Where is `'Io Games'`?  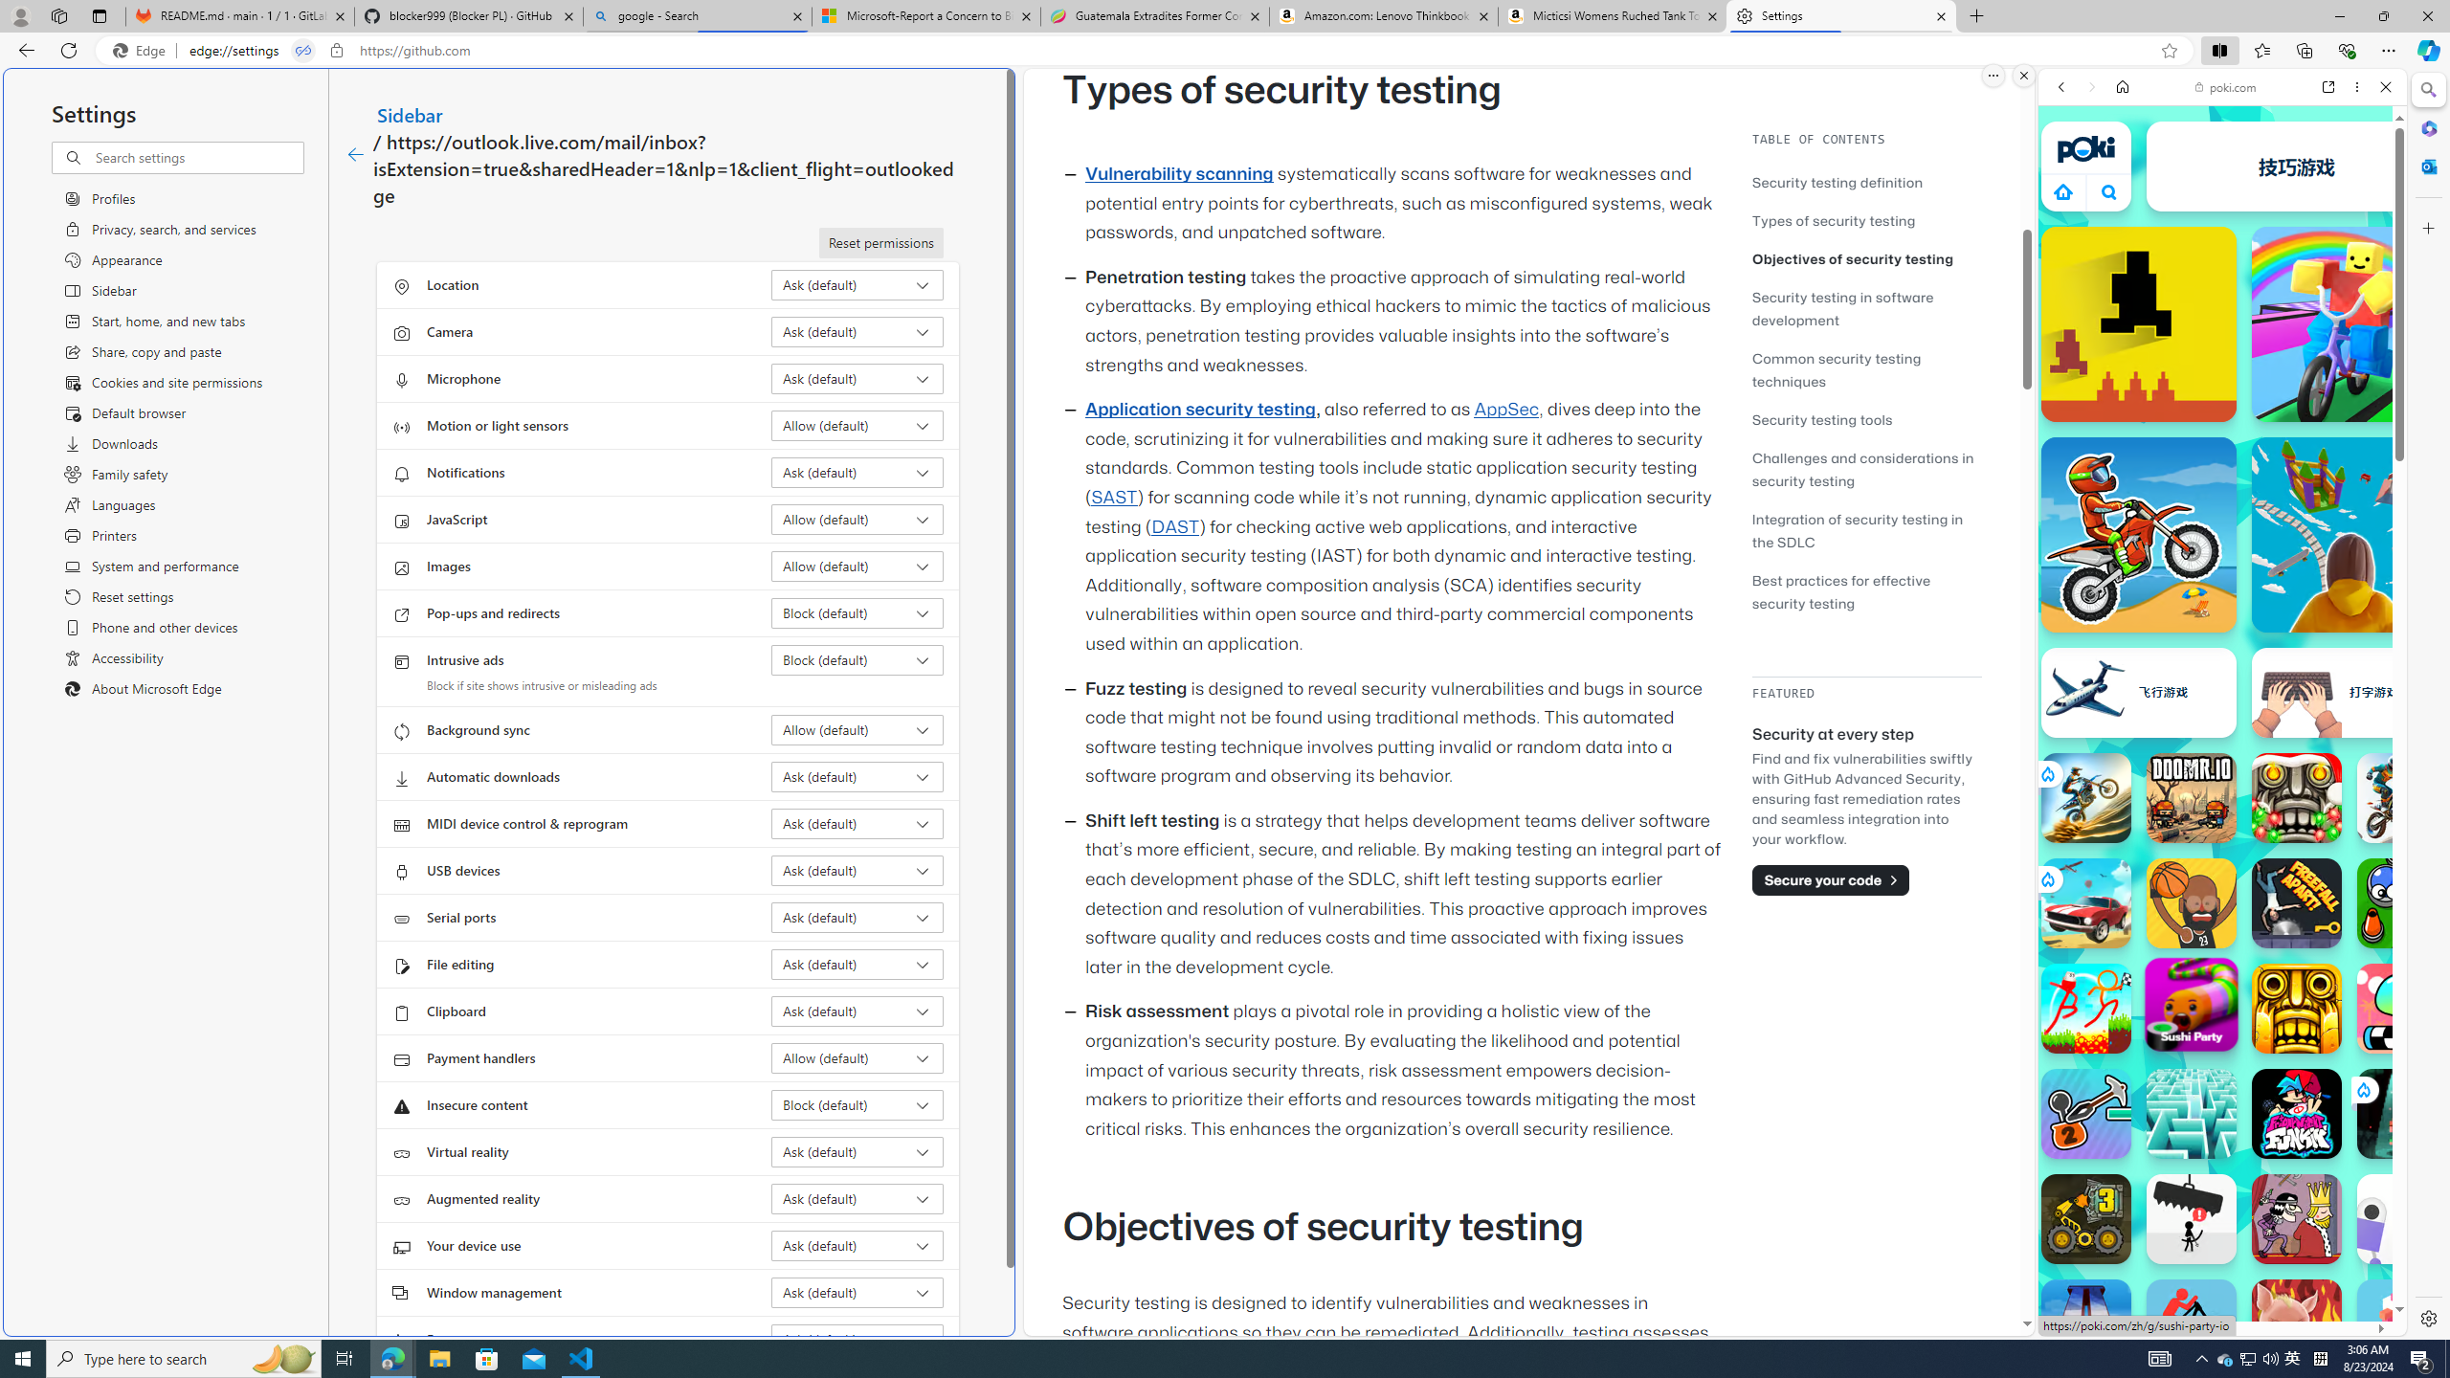 'Io Games' is located at coordinates (2220, 589).